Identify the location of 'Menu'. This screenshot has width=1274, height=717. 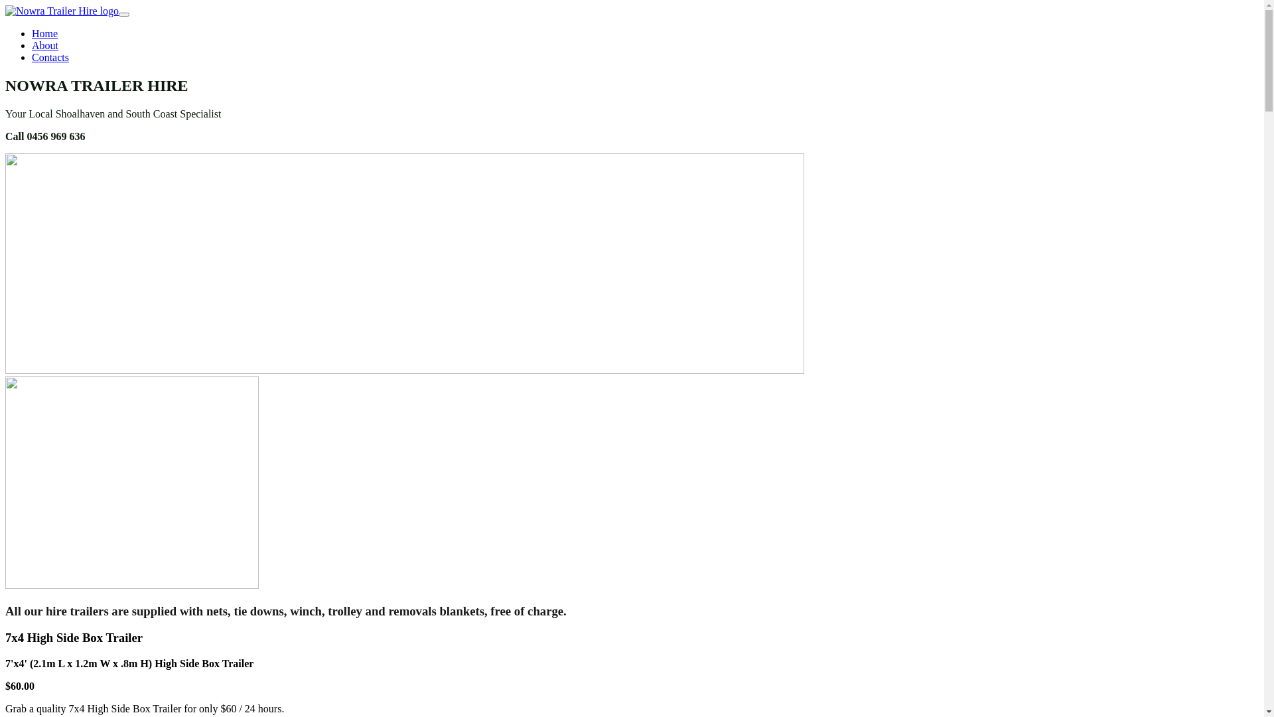
(124, 15).